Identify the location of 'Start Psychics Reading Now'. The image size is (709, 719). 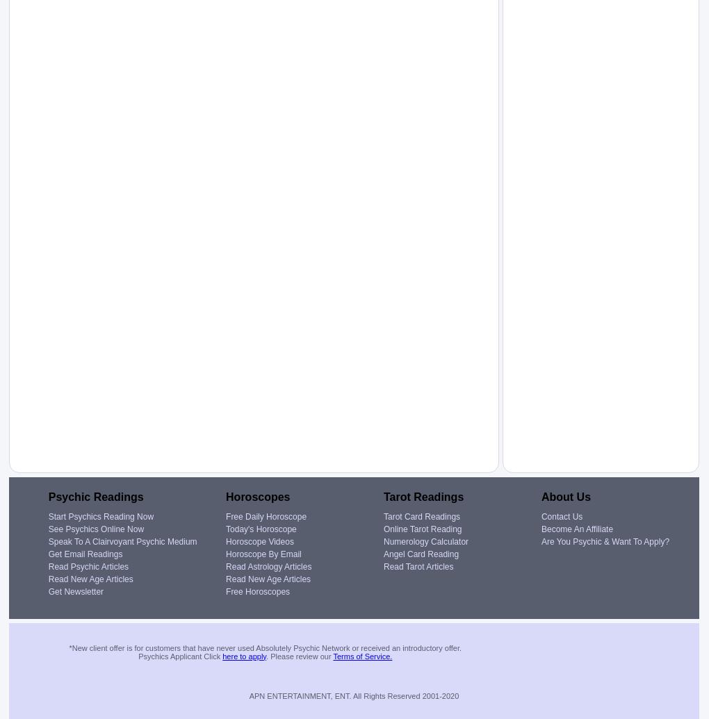
(101, 515).